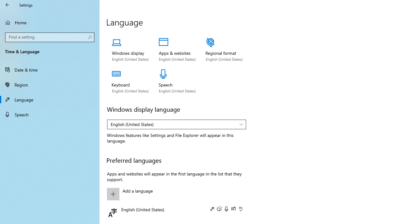 This screenshot has height=224, width=398. Describe the element at coordinates (174, 124) in the screenshot. I see `'English (United States)'` at that location.